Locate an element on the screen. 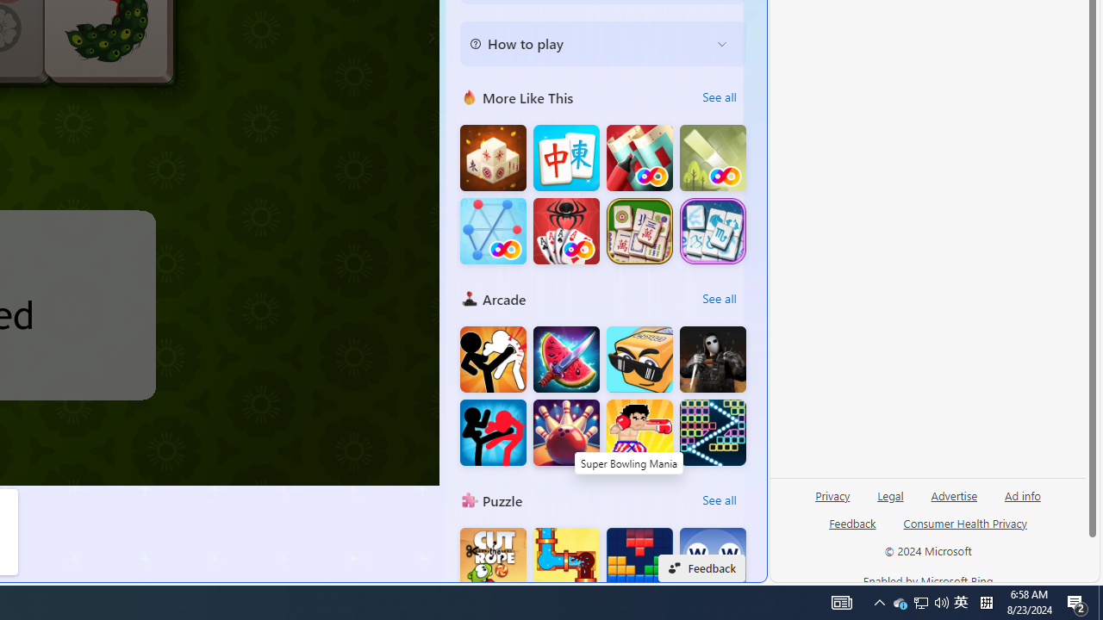 The image size is (1103, 620). 'Daily Mahjong' is located at coordinates (639, 230).